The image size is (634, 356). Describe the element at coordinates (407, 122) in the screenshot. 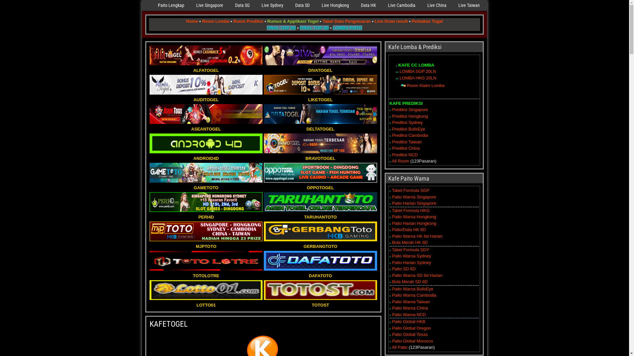

I see `'Prediksi Sydney'` at that location.